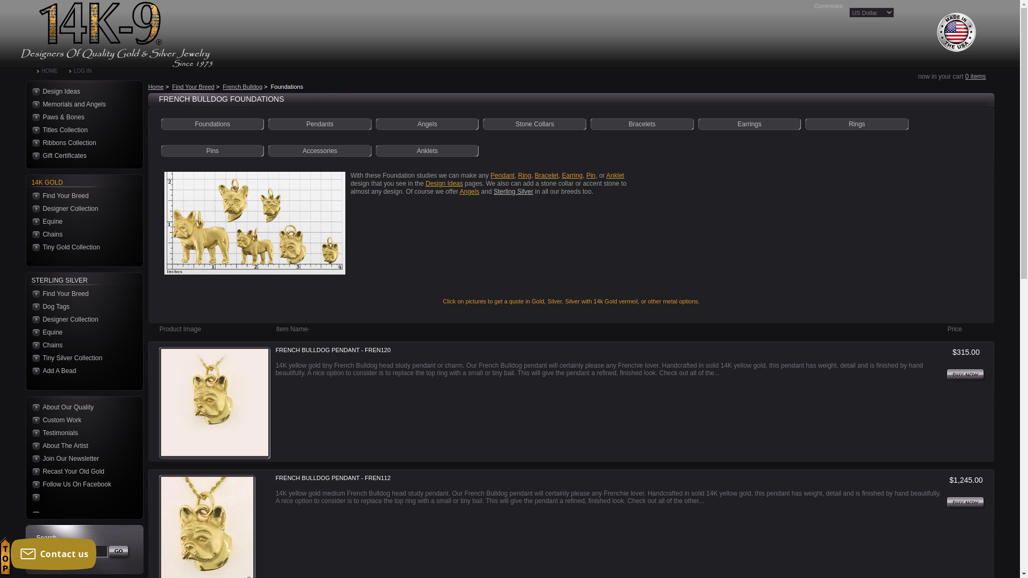 This screenshot has width=1028, height=578. What do you see at coordinates (857, 123) in the screenshot?
I see `'Rings'` at bounding box center [857, 123].